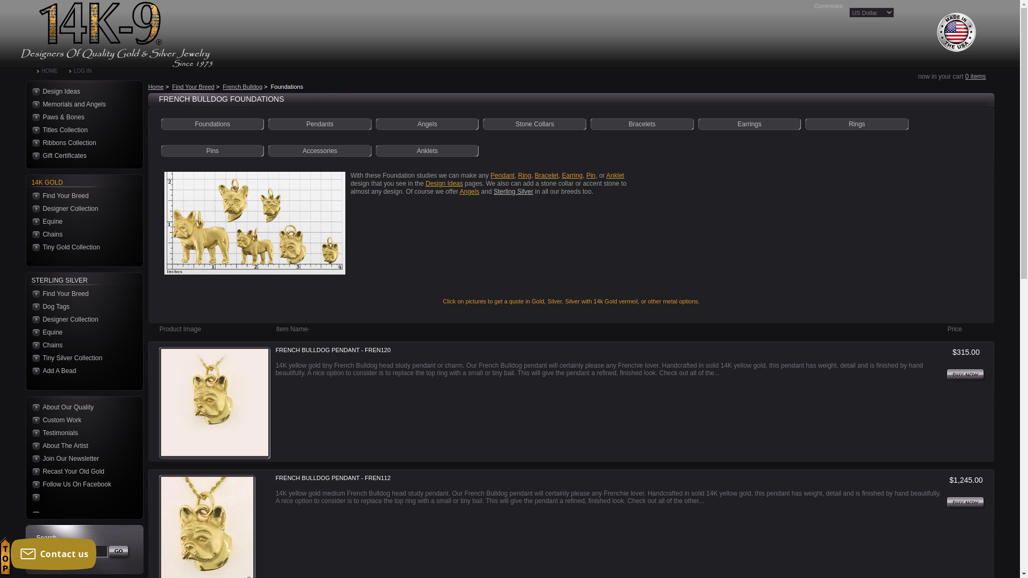 This screenshot has width=1028, height=578. What do you see at coordinates (857, 123) in the screenshot?
I see `'Rings'` at bounding box center [857, 123].